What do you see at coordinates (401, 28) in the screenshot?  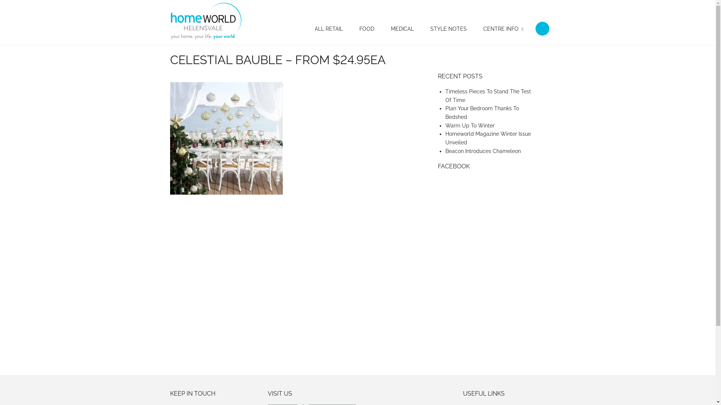 I see `'MEDICAL'` at bounding box center [401, 28].